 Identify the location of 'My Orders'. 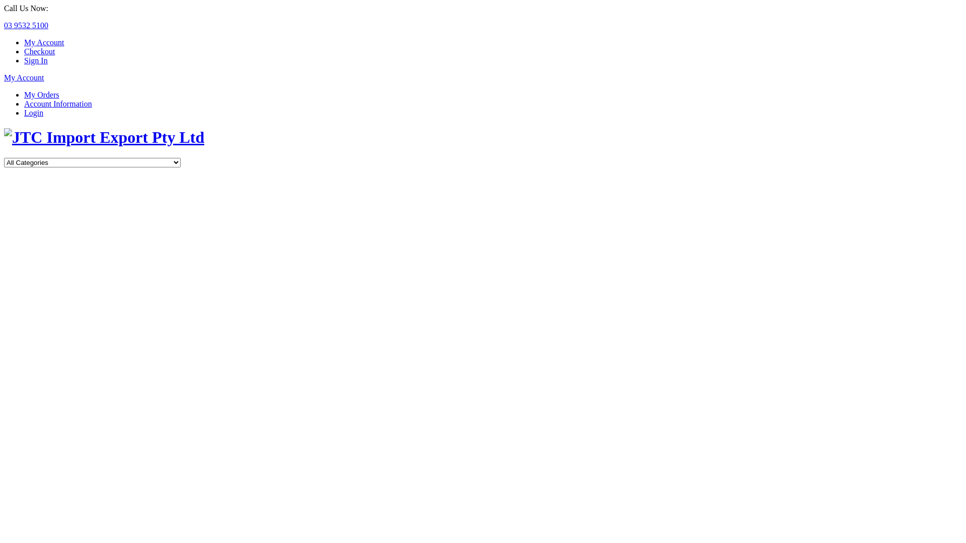
(24, 95).